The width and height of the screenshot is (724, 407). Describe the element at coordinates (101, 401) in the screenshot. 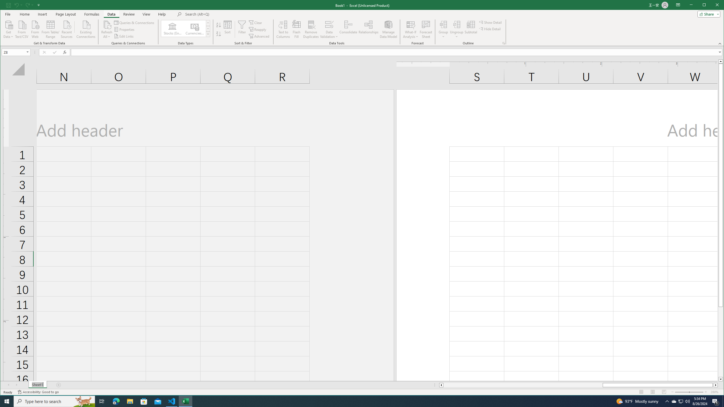

I see `'Task View'` at that location.